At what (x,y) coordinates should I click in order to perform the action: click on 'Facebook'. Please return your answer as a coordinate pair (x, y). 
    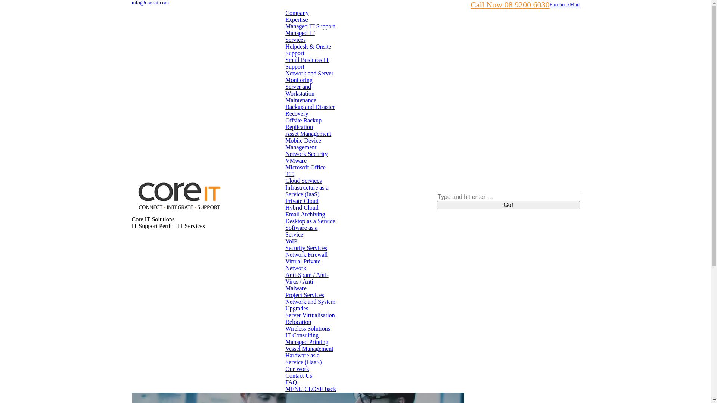
    Looking at the image, I should click on (559, 4).